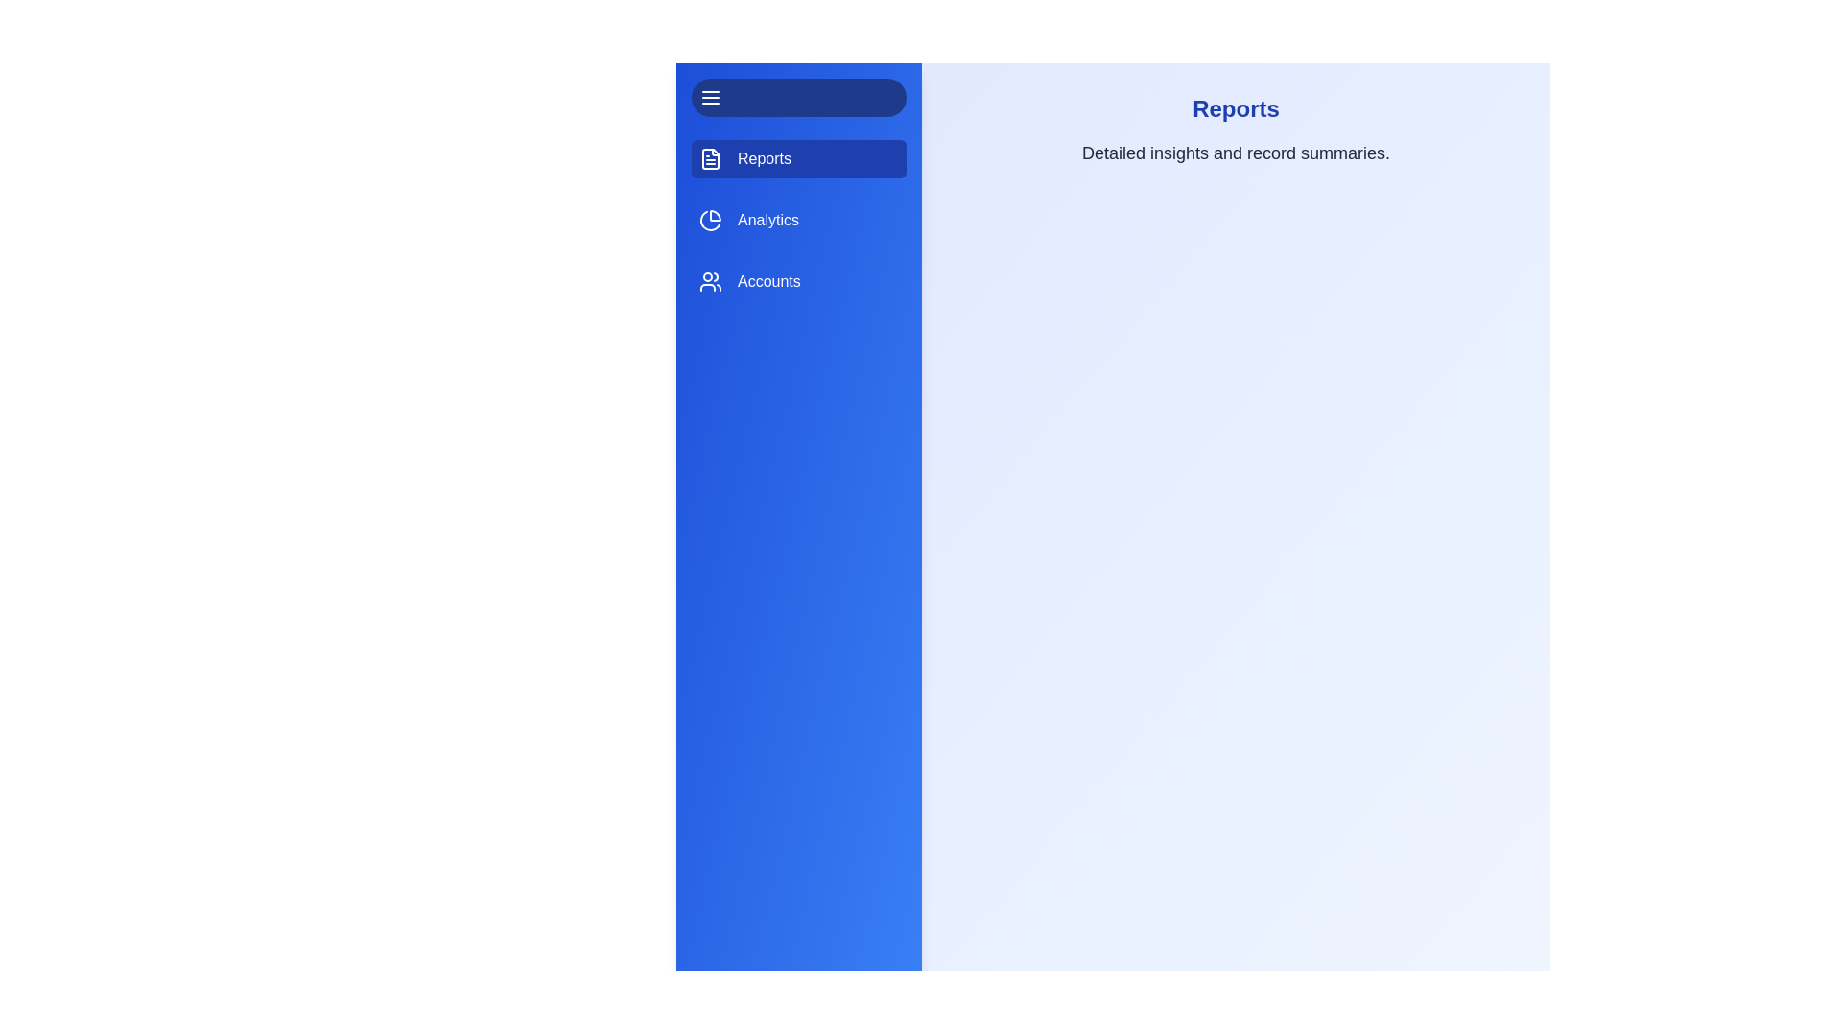 The width and height of the screenshot is (1842, 1036). Describe the element at coordinates (799, 97) in the screenshot. I see `toggle button to change the drawer's state` at that location.